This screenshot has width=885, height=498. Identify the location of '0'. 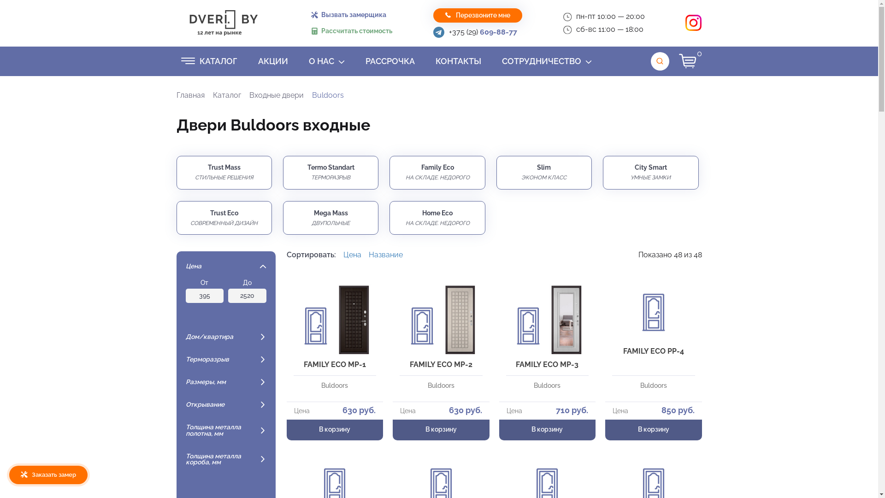
(690, 61).